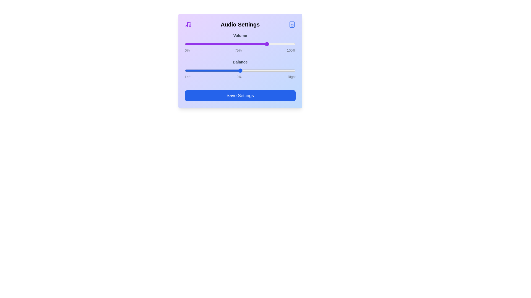  I want to click on the volume slider to 86%, so click(280, 44).